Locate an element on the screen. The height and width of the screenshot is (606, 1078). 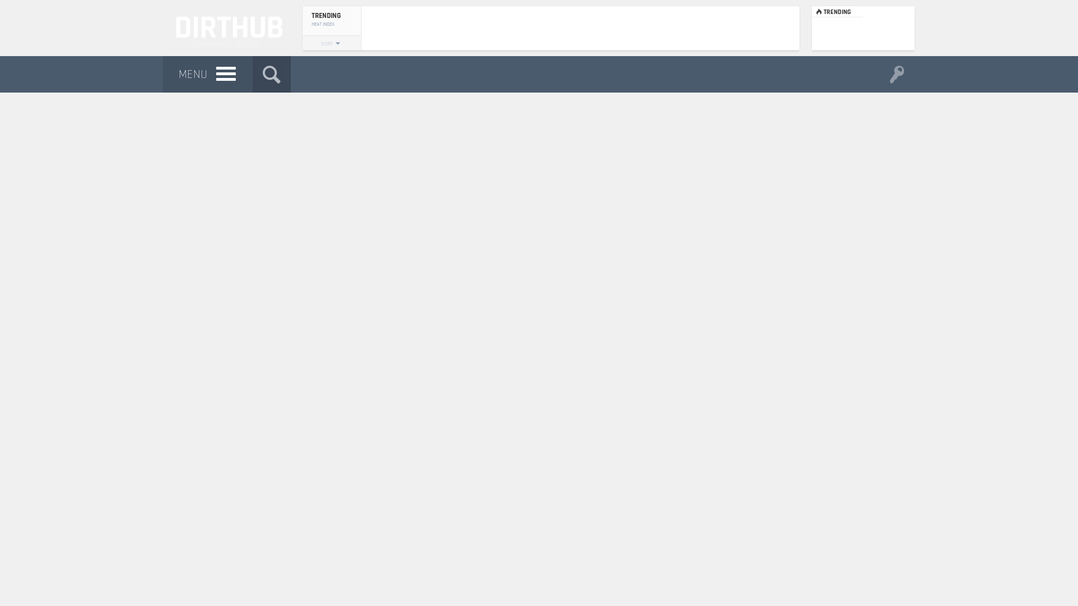
'DIRTHUB' is located at coordinates (226, 27).